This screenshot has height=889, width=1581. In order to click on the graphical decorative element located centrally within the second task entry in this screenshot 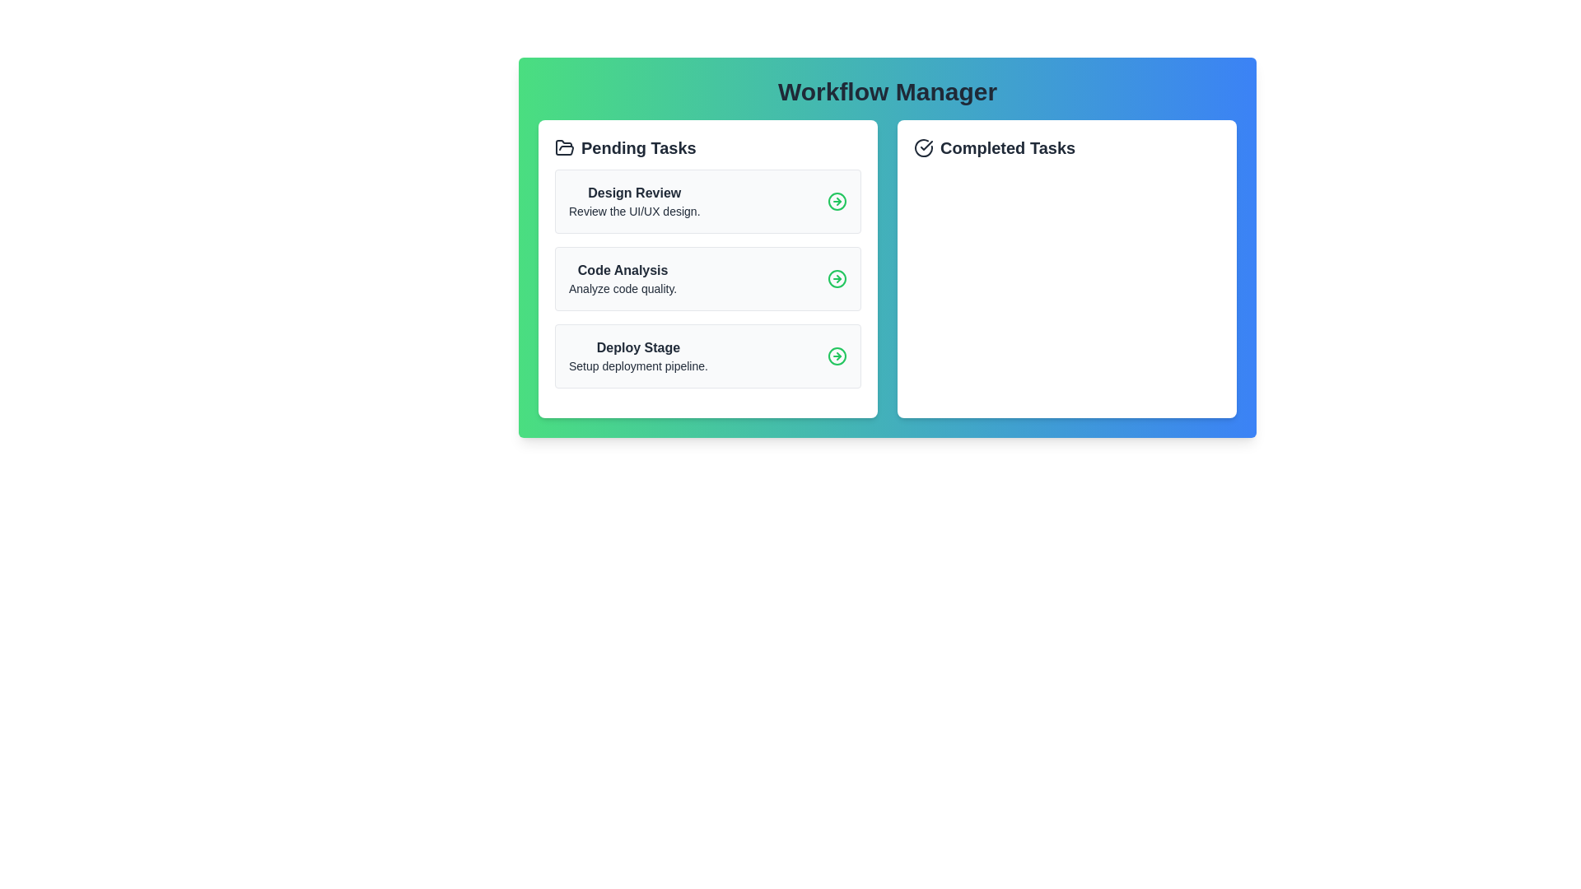, I will do `click(837, 278)`.